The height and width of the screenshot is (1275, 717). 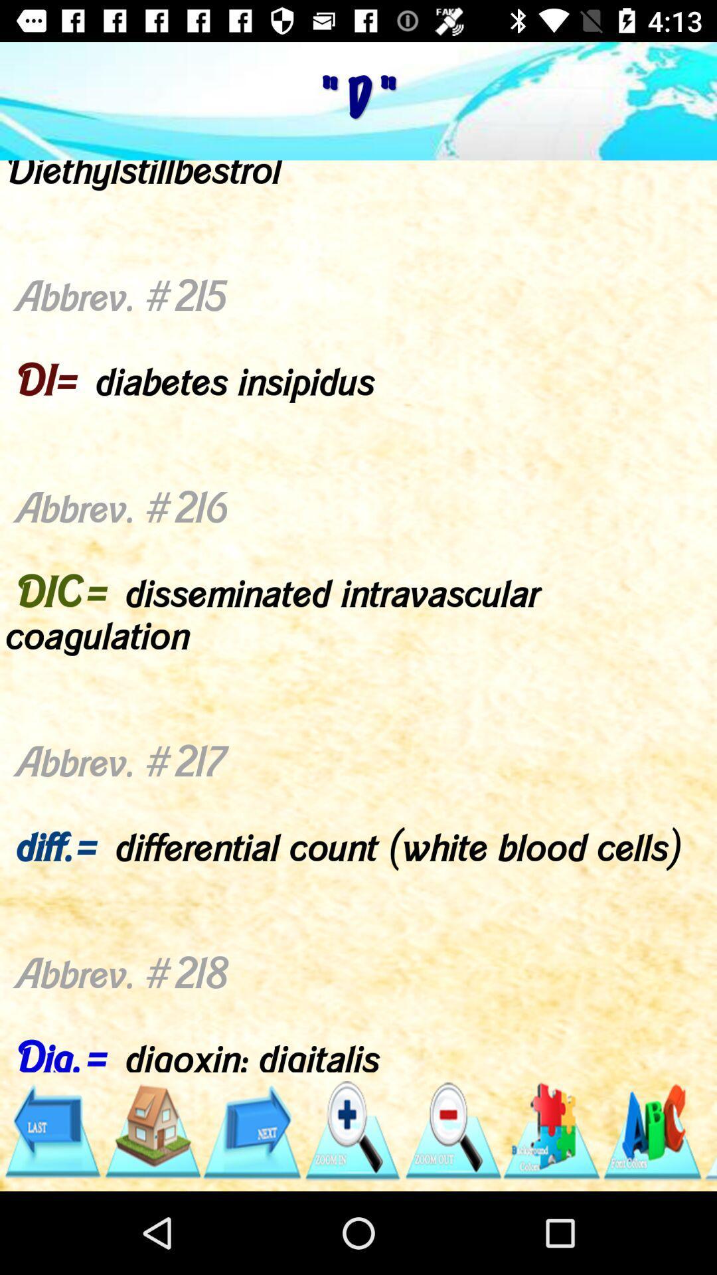 What do you see at coordinates (51, 1130) in the screenshot?
I see `icon below the abbrev 	209	 	d item` at bounding box center [51, 1130].